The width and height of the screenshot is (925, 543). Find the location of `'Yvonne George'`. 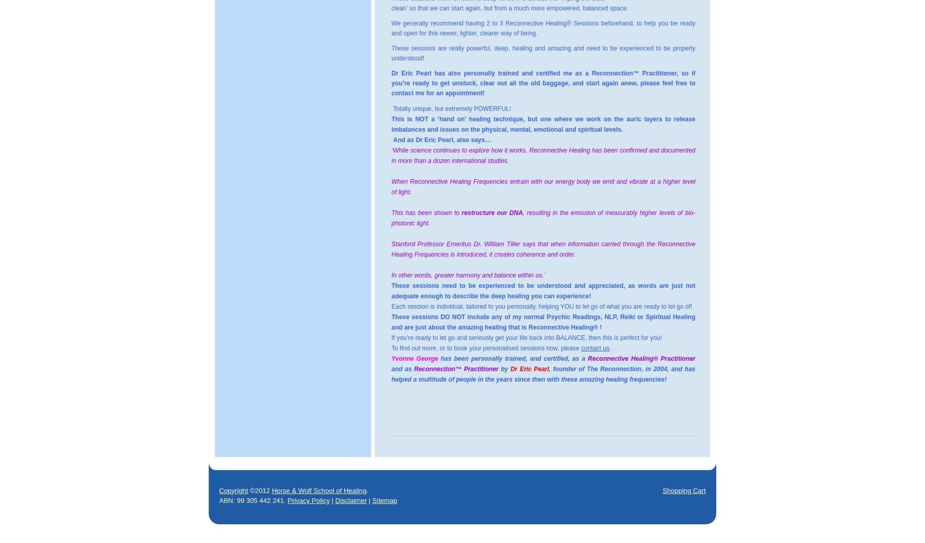

'Yvonne George' is located at coordinates (414, 359).